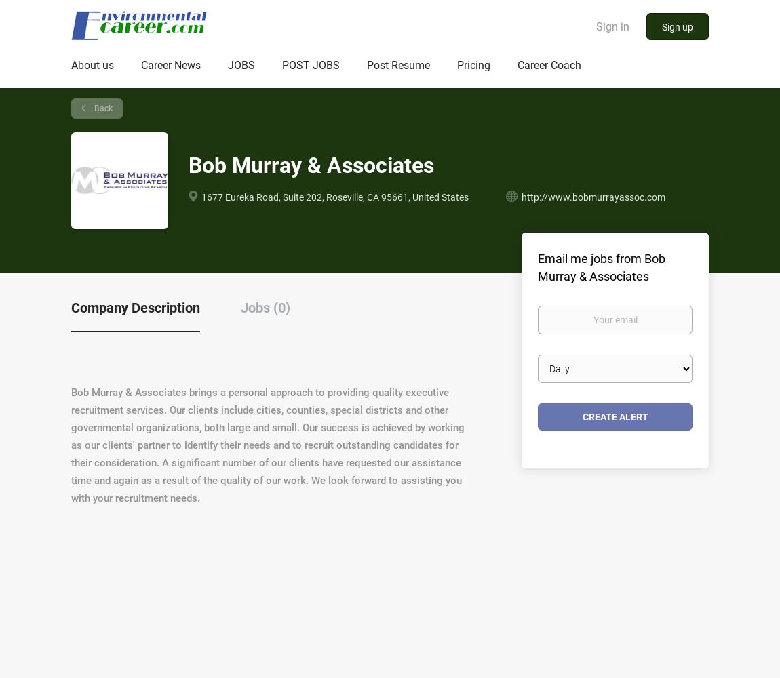 This screenshot has height=678, width=780. Describe the element at coordinates (134, 306) in the screenshot. I see `'Company Description'` at that location.